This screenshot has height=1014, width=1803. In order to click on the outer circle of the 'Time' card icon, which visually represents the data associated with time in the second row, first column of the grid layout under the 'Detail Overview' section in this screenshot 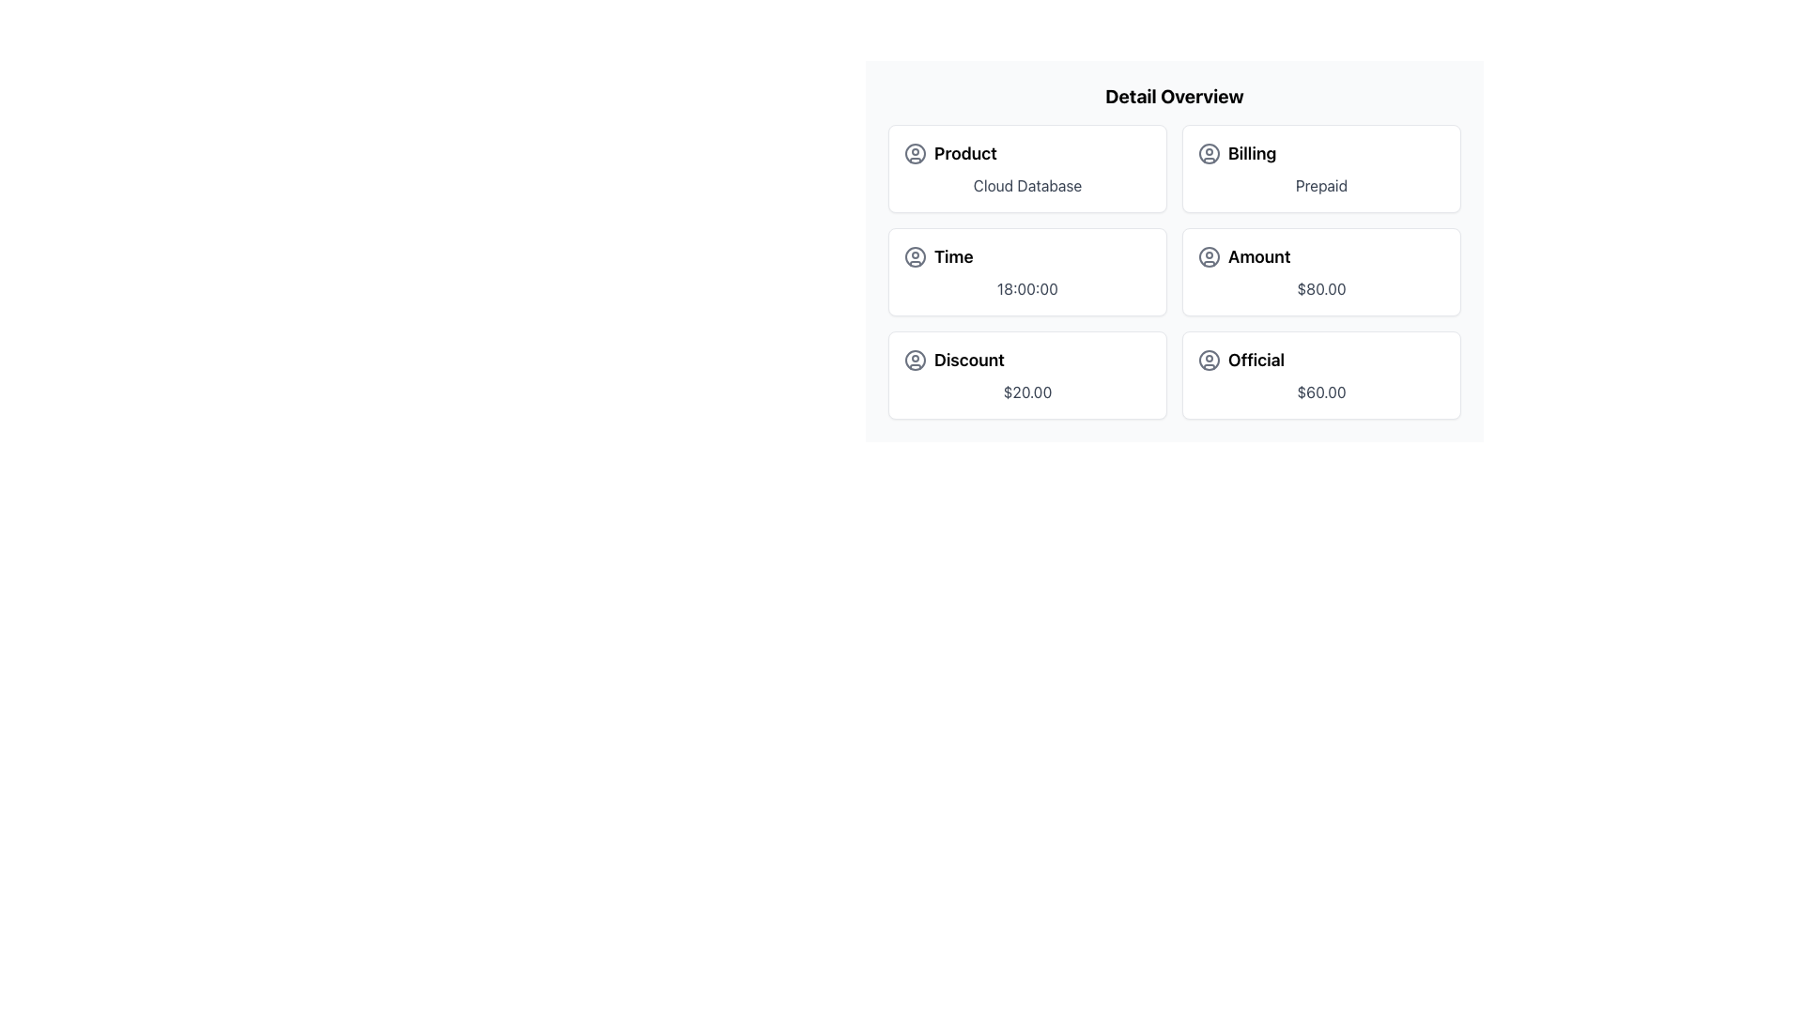, I will do `click(915, 256)`.